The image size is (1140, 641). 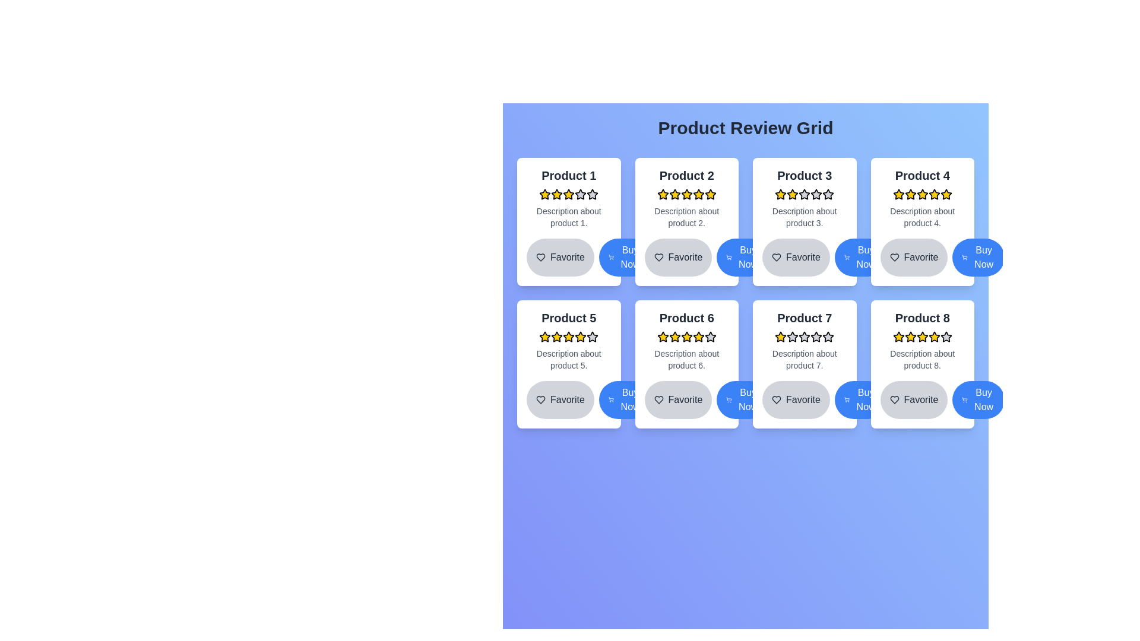 I want to click on the descriptive text block for 'Product 8' located at the bottom right corner of the grid view, positioned below the star rating and above the 'Favorite' button, so click(x=921, y=358).